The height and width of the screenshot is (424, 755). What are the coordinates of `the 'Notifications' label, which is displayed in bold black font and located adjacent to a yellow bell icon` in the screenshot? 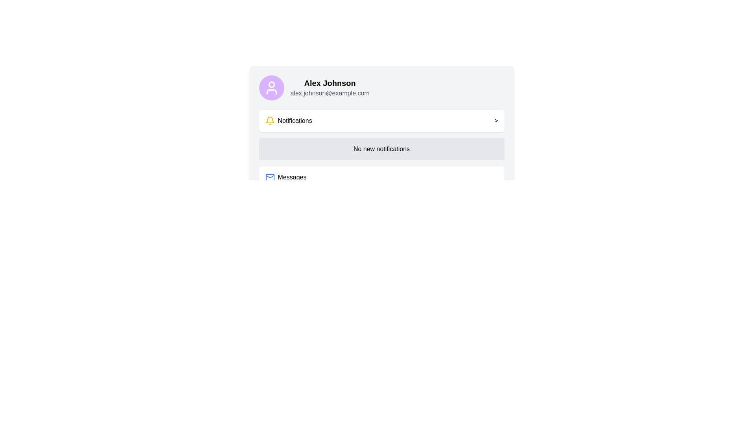 It's located at (295, 121).